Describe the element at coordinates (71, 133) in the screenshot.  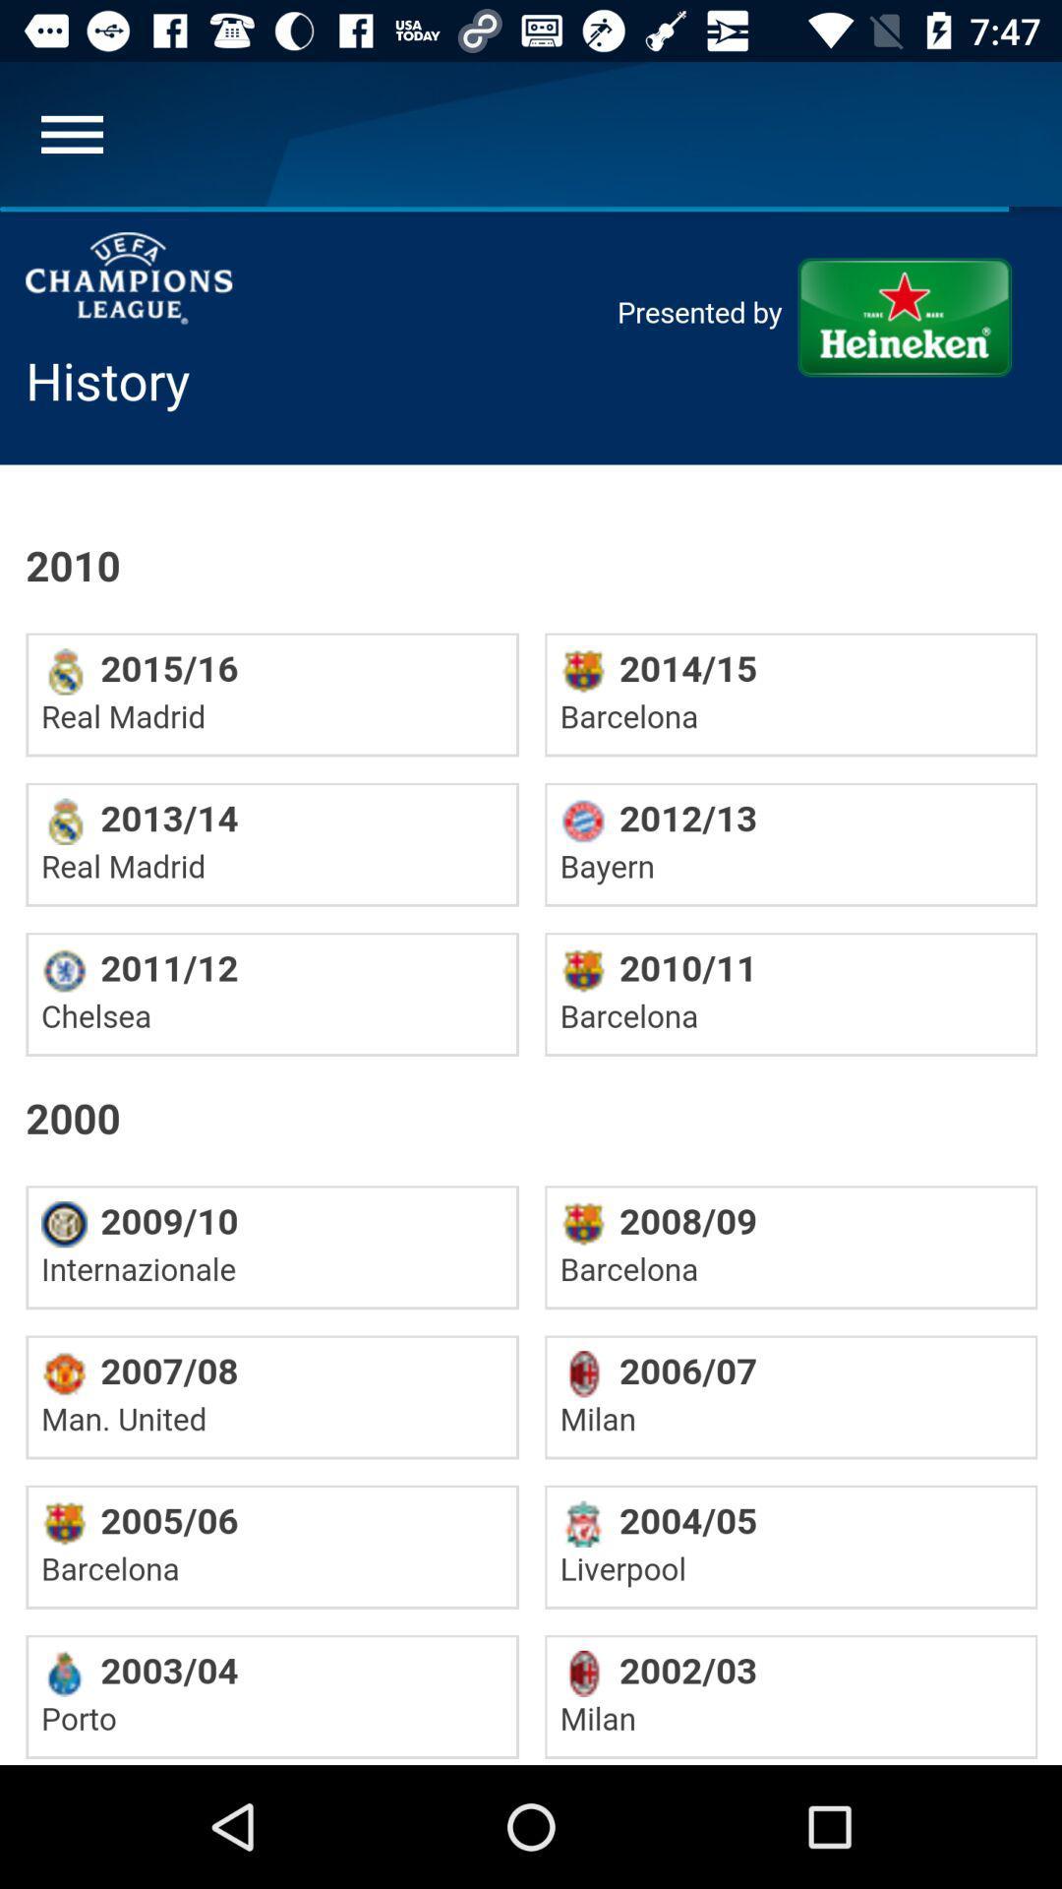
I see `menu button` at that location.